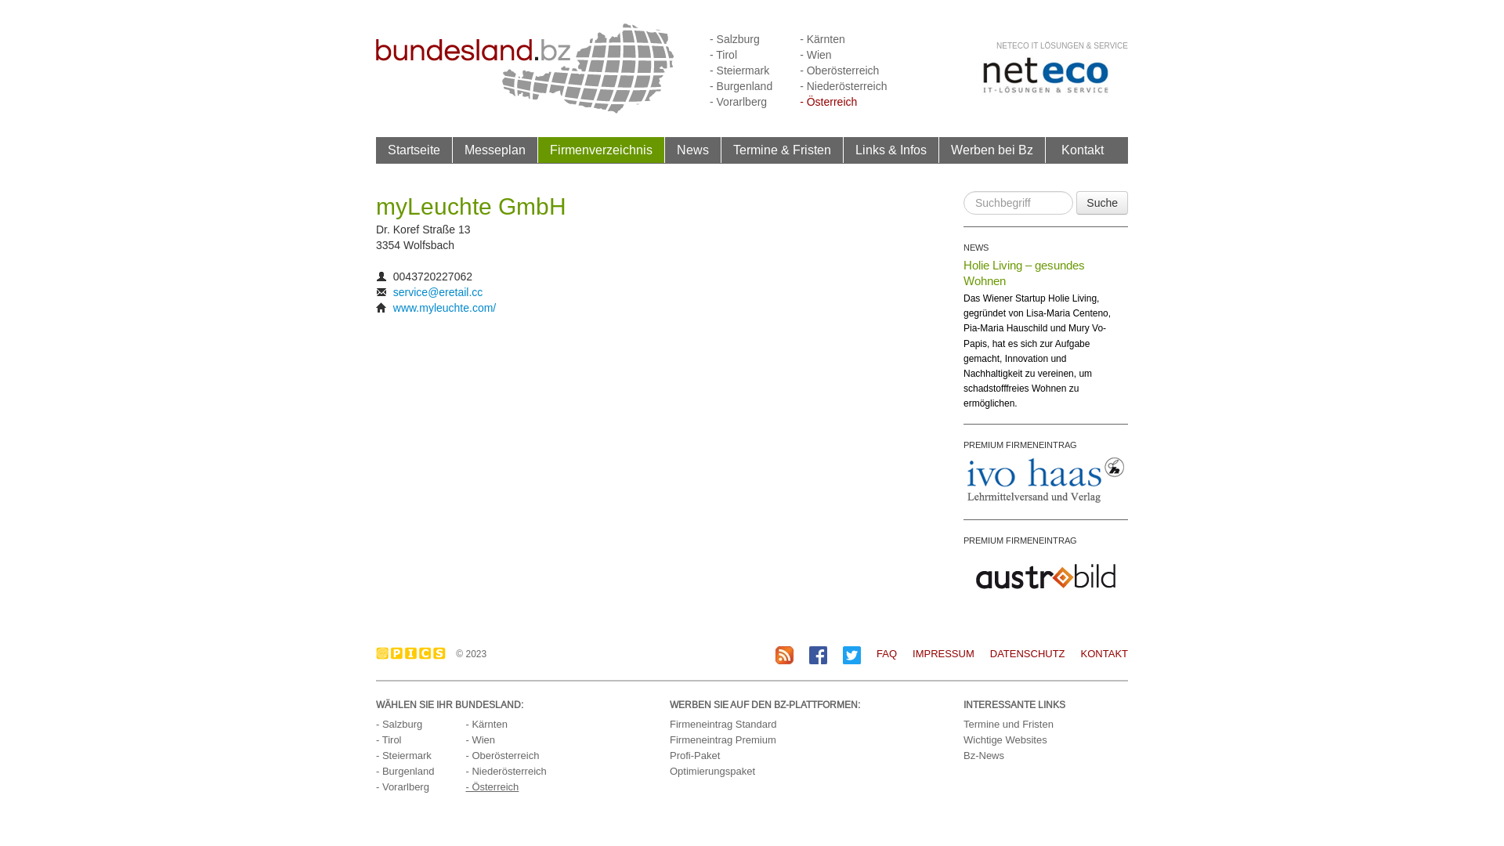 This screenshot has height=846, width=1504. What do you see at coordinates (808, 653) in the screenshot?
I see `'BZ auf Facebook'` at bounding box center [808, 653].